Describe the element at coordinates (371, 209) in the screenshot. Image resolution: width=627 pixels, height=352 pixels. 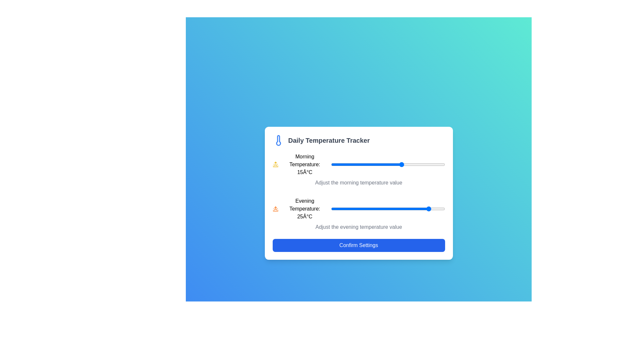
I see `the evening temperature slider to 4°C` at that location.